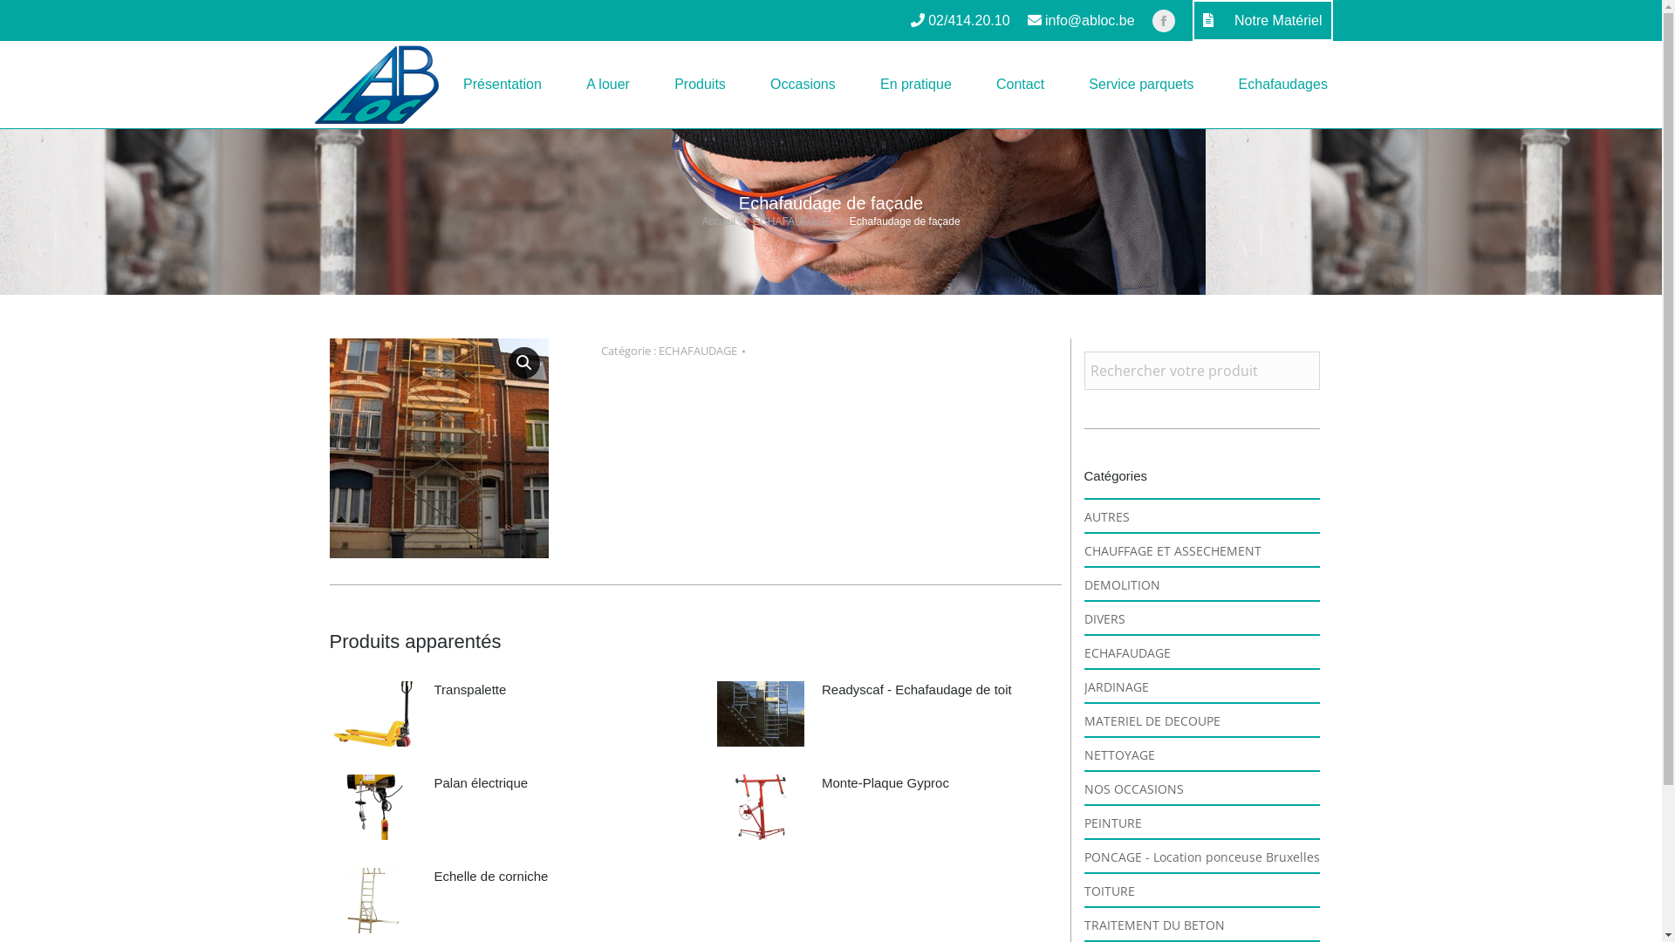 The image size is (1675, 942). Describe the element at coordinates (1083, 618) in the screenshot. I see `'DIVERS'` at that location.